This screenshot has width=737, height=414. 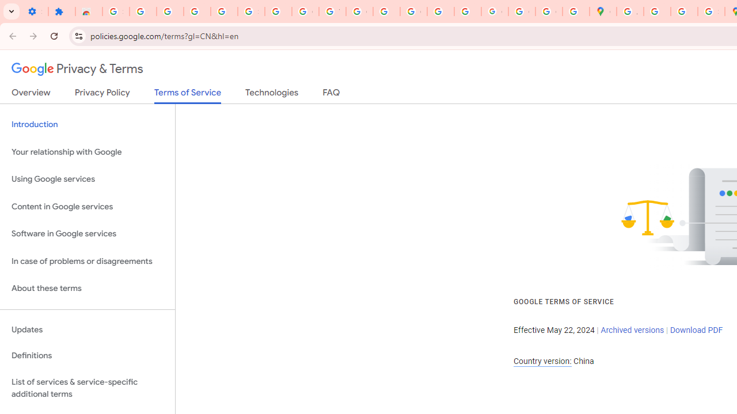 I want to click on 'Settings - On startup', so click(x=35, y=11).